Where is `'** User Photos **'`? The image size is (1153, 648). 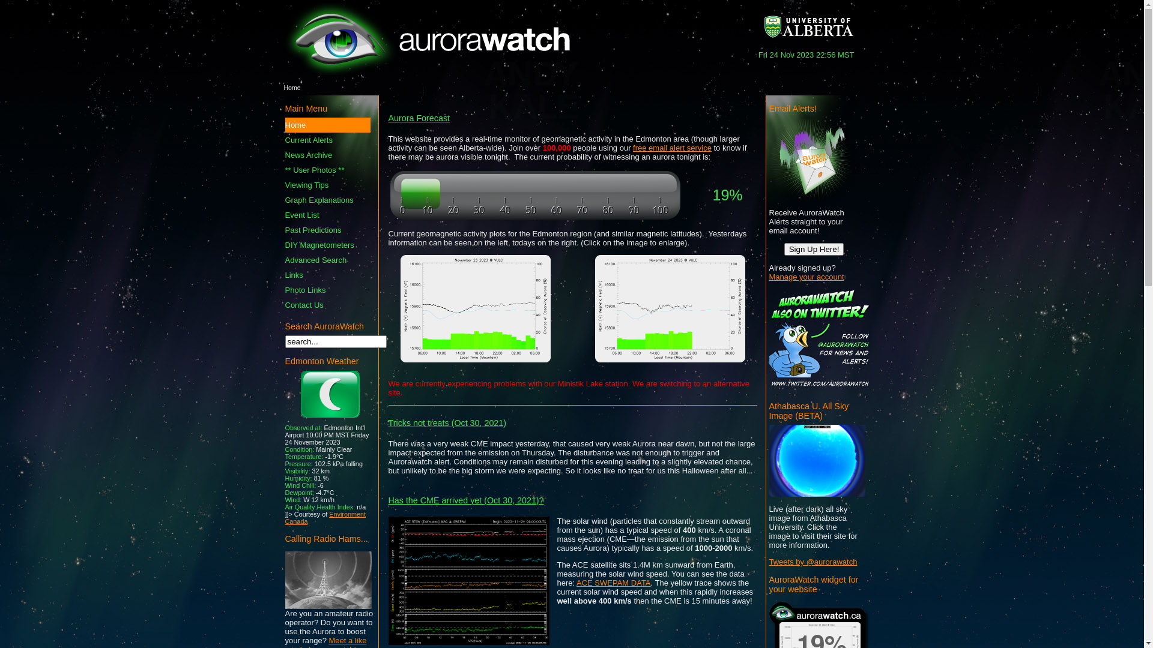 '** User Photos **' is located at coordinates (327, 170).